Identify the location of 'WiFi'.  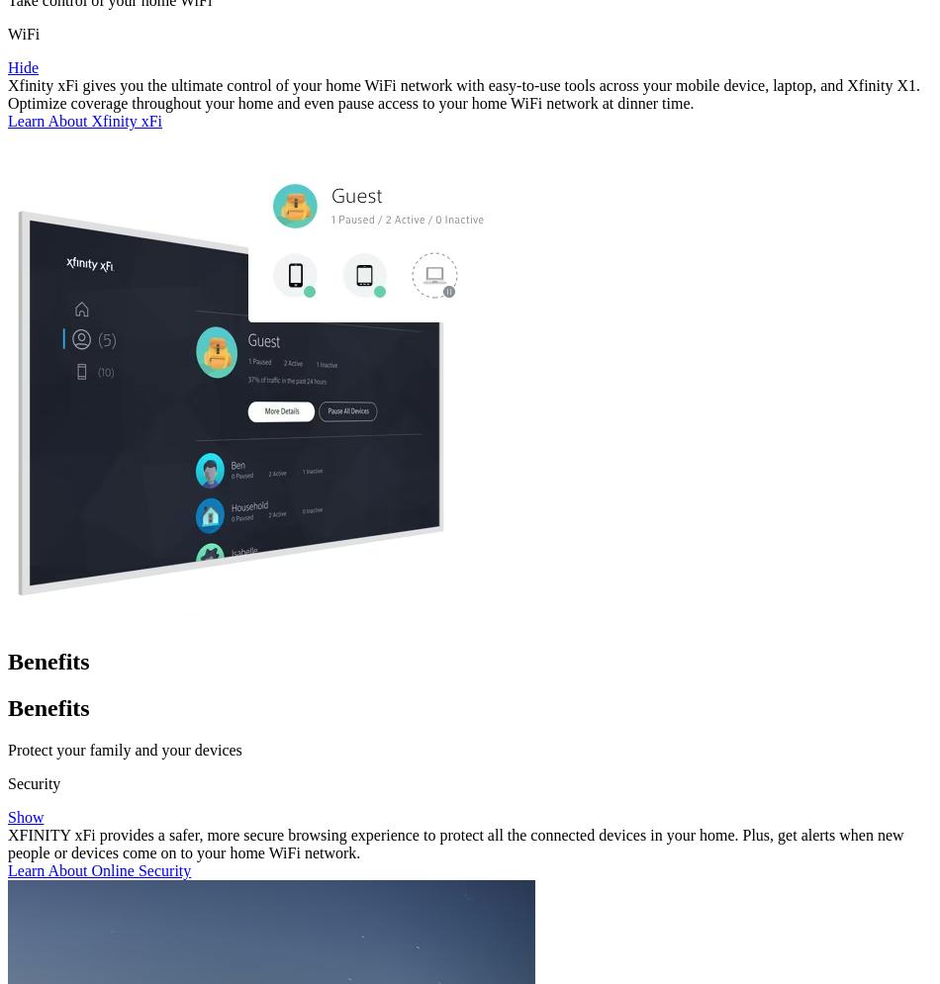
(24, 34).